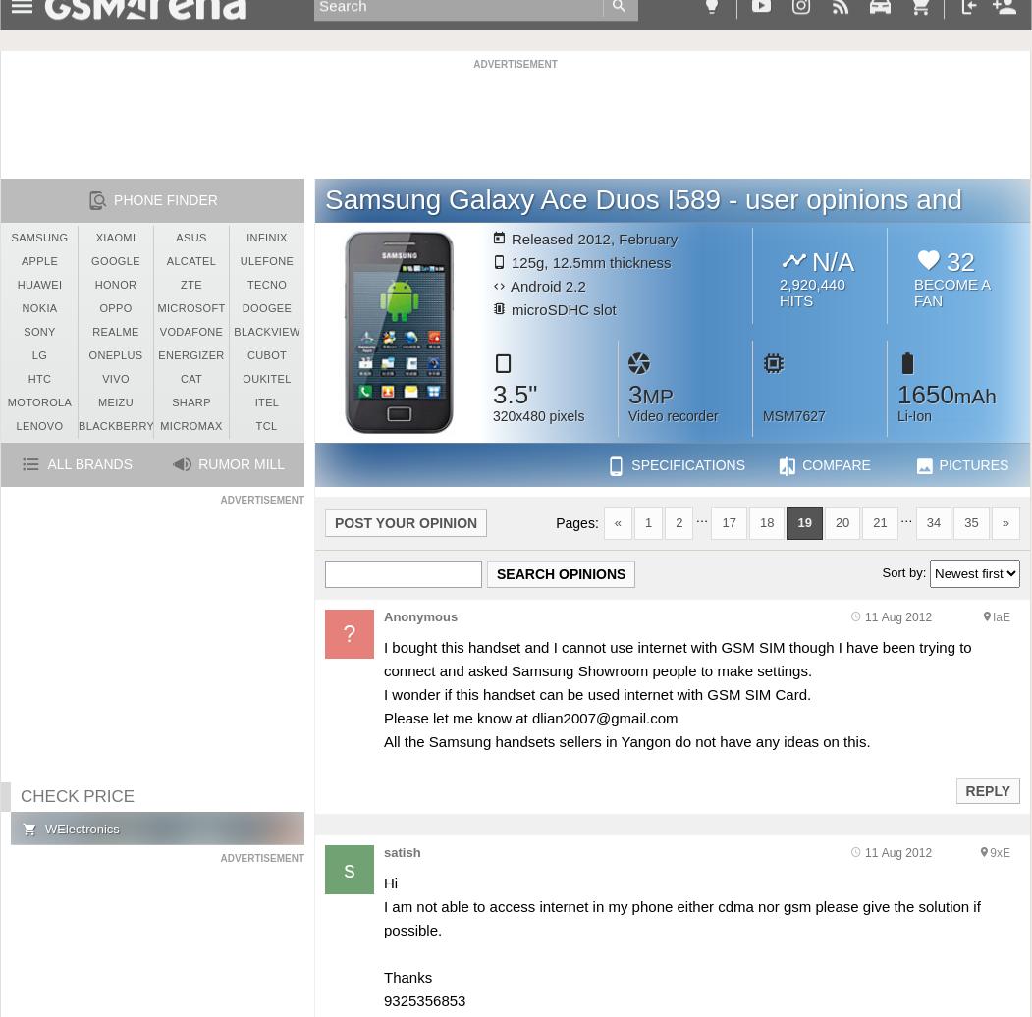  Describe the element at coordinates (266, 284) in the screenshot. I see `'Tecno'` at that location.